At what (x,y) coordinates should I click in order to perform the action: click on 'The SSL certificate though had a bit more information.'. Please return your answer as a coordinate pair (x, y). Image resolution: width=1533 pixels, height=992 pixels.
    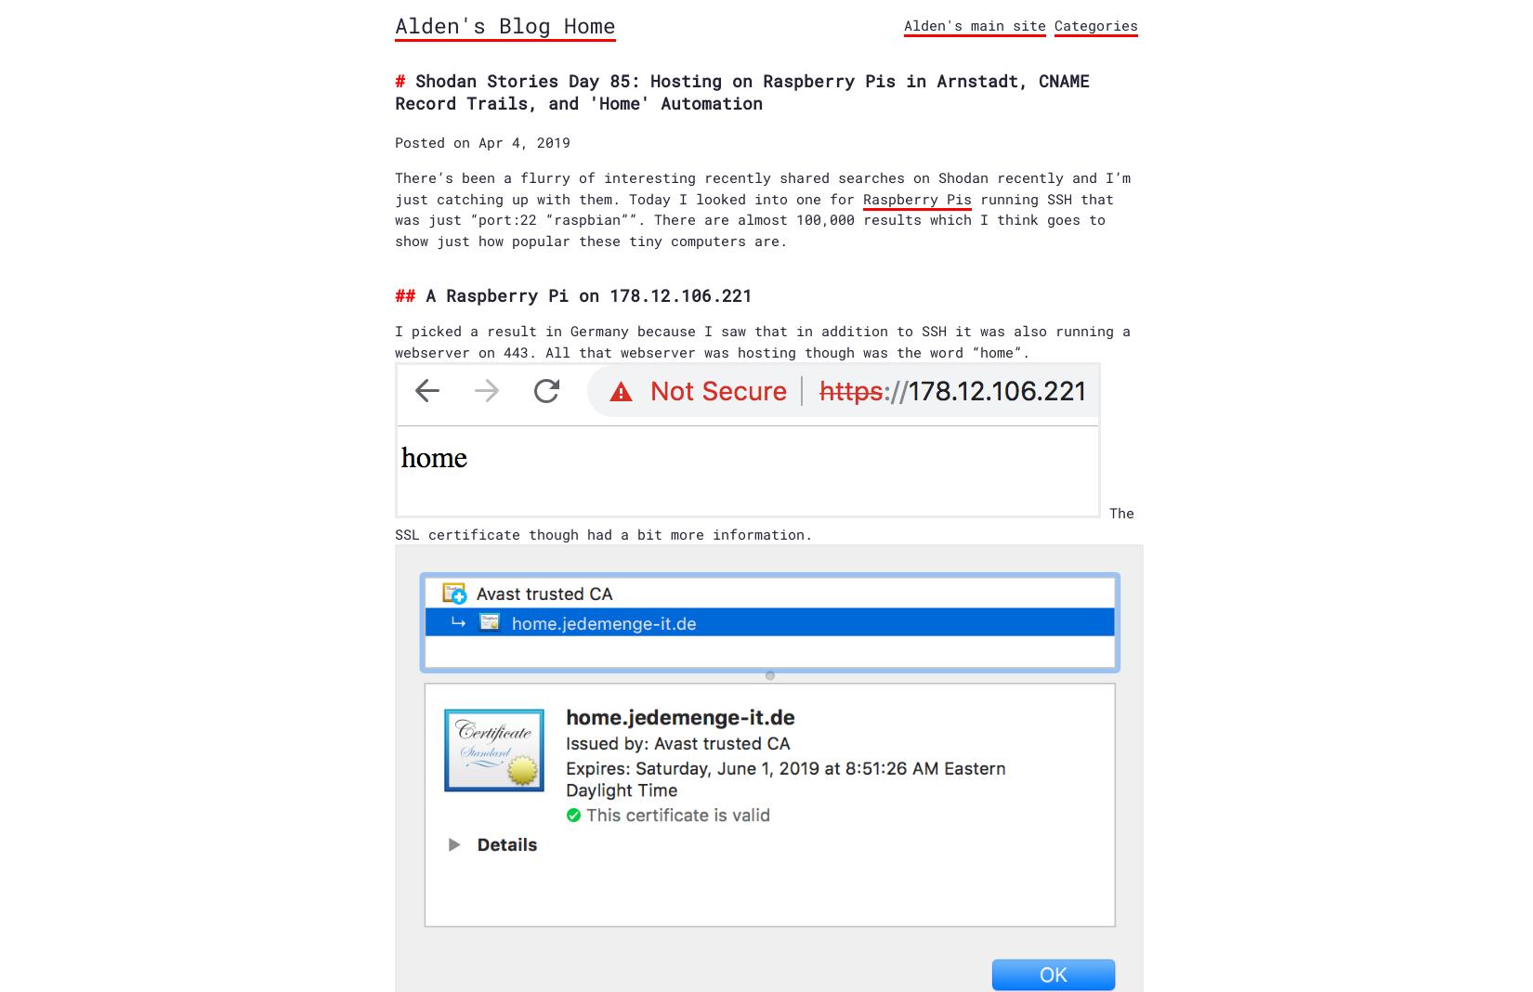
    Looking at the image, I should click on (764, 522).